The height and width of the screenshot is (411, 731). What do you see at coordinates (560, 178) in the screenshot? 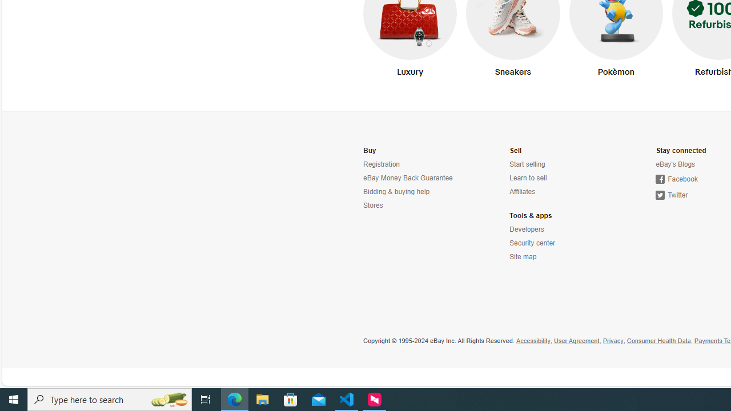
I see `'Learn to sell'` at bounding box center [560, 178].